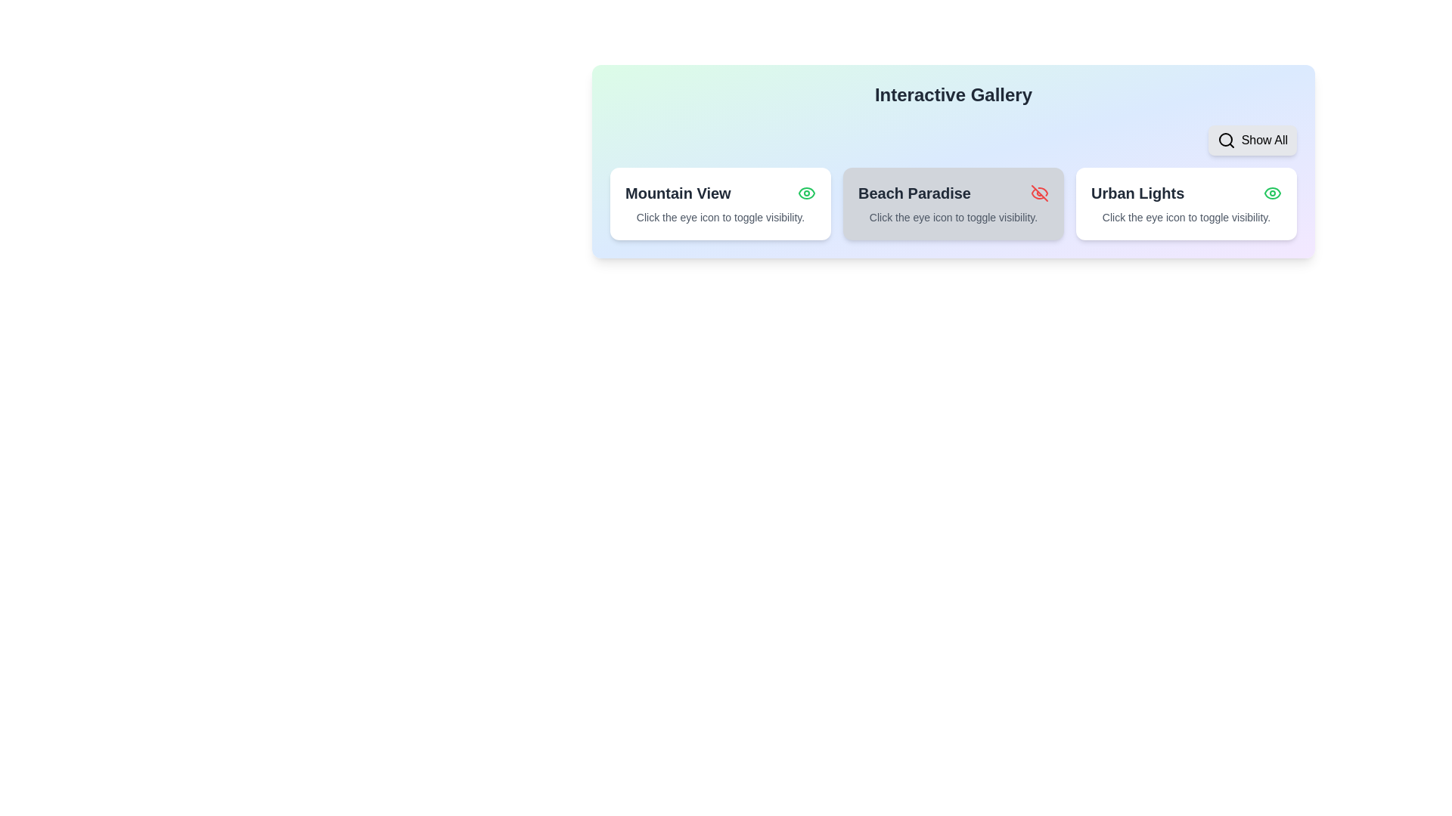 The width and height of the screenshot is (1452, 816). I want to click on the item card titled 'Mountain View', so click(720, 204).